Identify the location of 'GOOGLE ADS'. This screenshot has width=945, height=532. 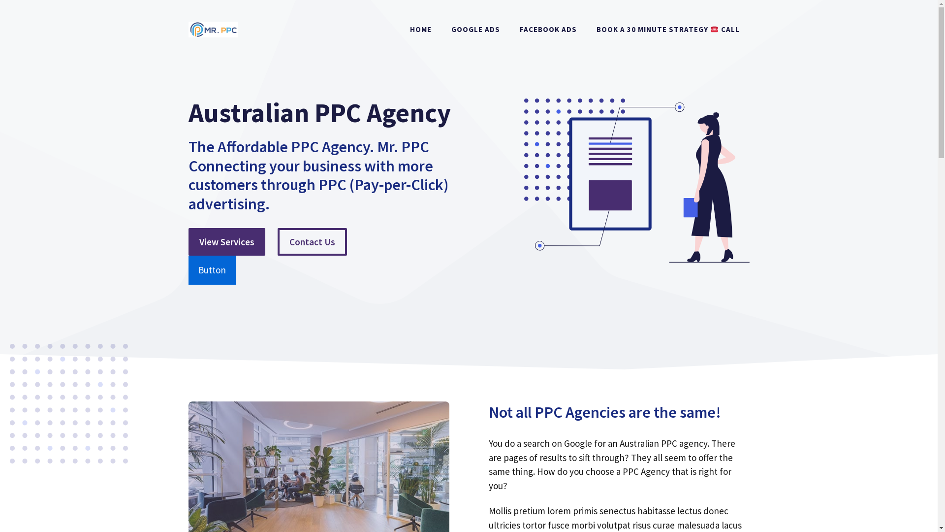
(475, 29).